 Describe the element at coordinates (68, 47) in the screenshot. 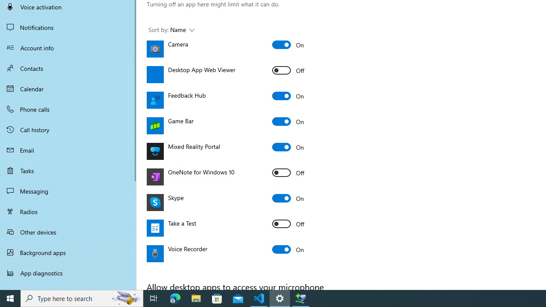

I see `'Account info'` at that location.